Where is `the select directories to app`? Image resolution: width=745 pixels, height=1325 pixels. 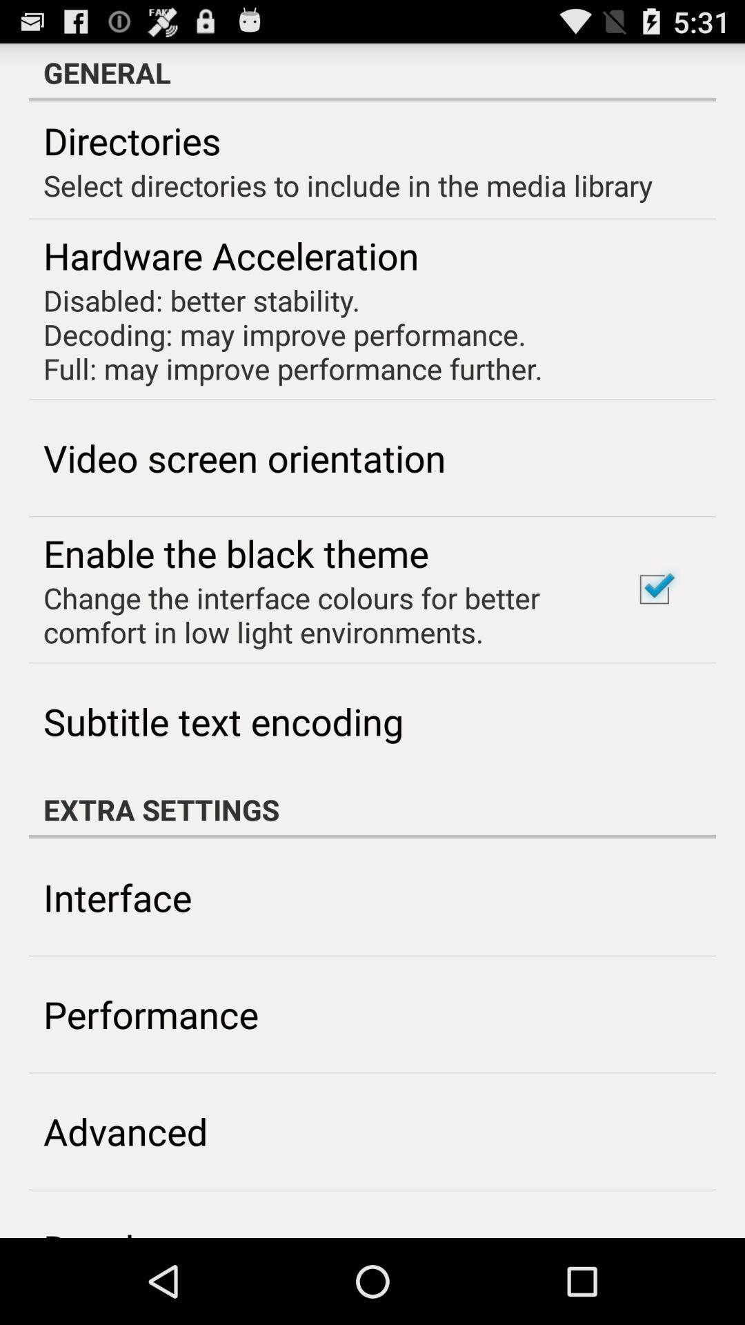
the select directories to app is located at coordinates (347, 184).